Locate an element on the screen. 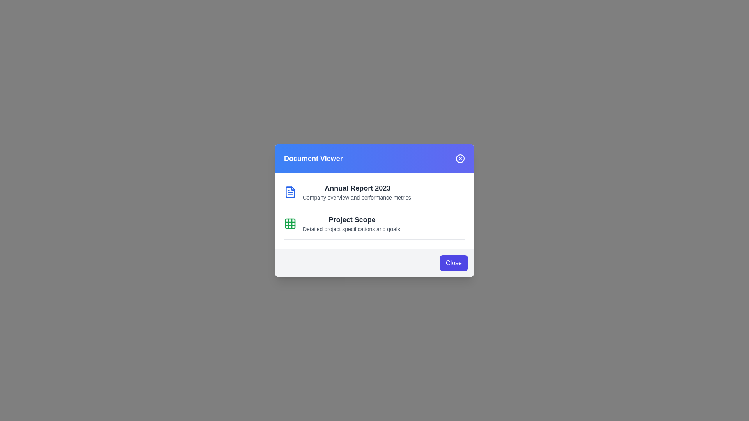 The image size is (749, 421). the close icon to close the dialog is located at coordinates (460, 158).